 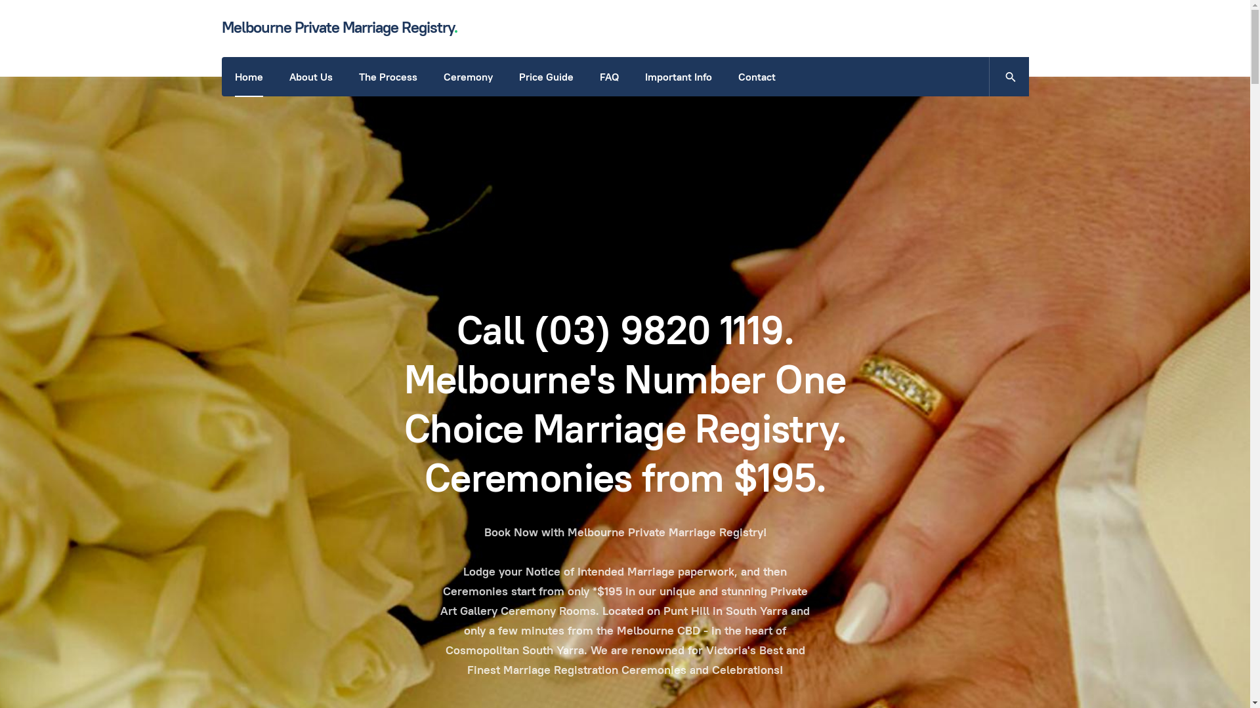 What do you see at coordinates (249, 76) in the screenshot?
I see `'Home'` at bounding box center [249, 76].